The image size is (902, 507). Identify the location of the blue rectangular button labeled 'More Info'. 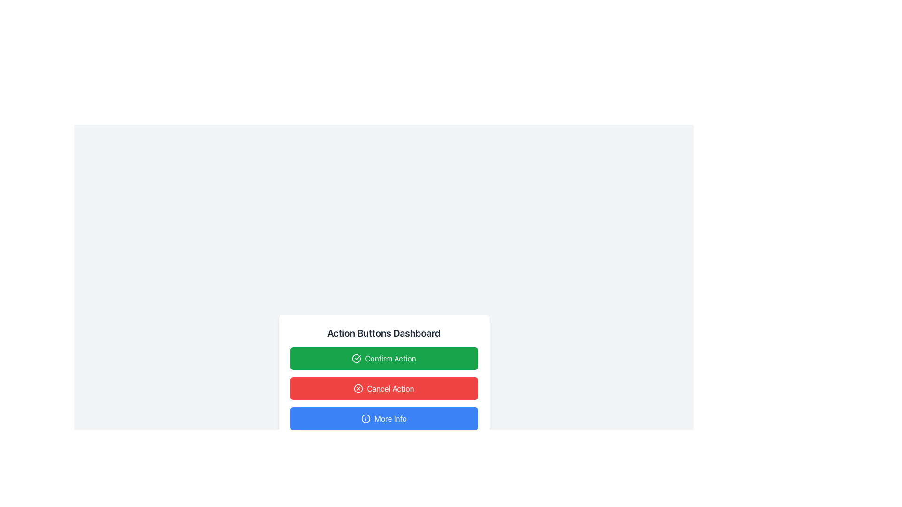
(384, 418).